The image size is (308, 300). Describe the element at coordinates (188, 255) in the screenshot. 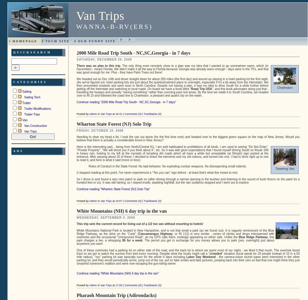

I see `'" situation (local speak for 20 people instead of 10 in a 50 mile radius), "our" parking lot was basically ours for the whole 6 days including'` at that location.